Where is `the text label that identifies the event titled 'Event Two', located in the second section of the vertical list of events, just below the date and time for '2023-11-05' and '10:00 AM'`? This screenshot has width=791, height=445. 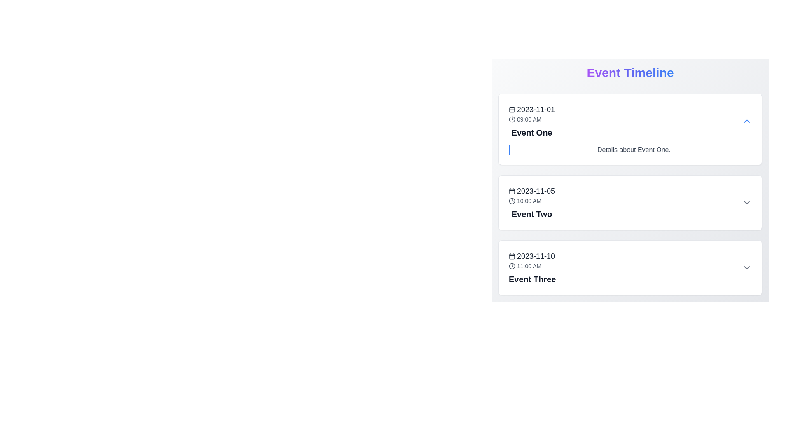
the text label that identifies the event titled 'Event Two', located in the second section of the vertical list of events, just below the date and time for '2023-11-05' and '10:00 AM' is located at coordinates (532, 214).